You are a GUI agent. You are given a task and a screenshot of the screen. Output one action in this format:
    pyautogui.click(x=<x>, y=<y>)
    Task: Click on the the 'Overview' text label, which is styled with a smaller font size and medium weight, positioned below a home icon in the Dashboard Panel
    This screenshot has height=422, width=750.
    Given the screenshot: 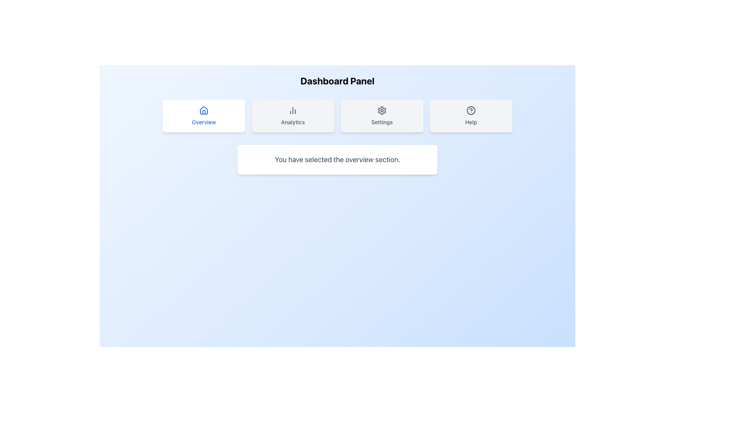 What is the action you would take?
    pyautogui.click(x=204, y=122)
    